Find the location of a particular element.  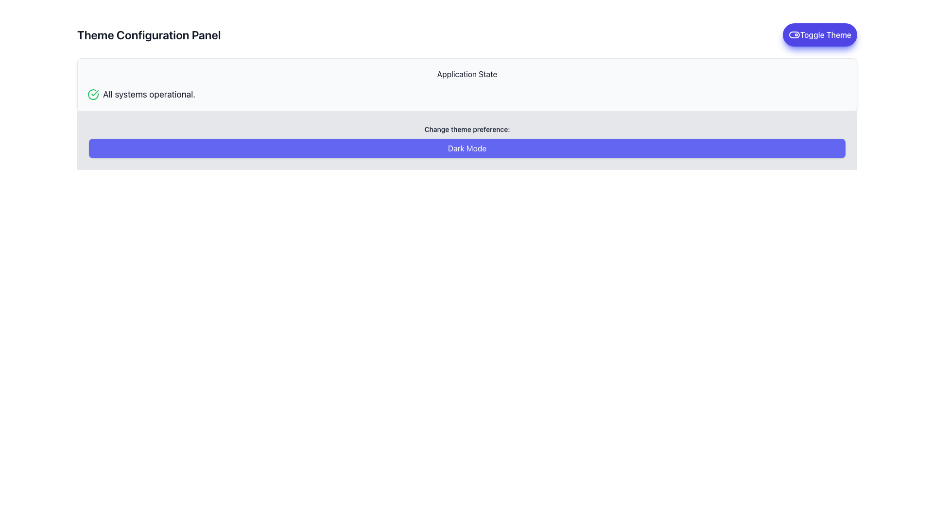

the text label that reads 'Change theme preference:' which is displayed in a smaller font on a light gray background, located above the 'Dark Mode' button is located at coordinates (467, 129).